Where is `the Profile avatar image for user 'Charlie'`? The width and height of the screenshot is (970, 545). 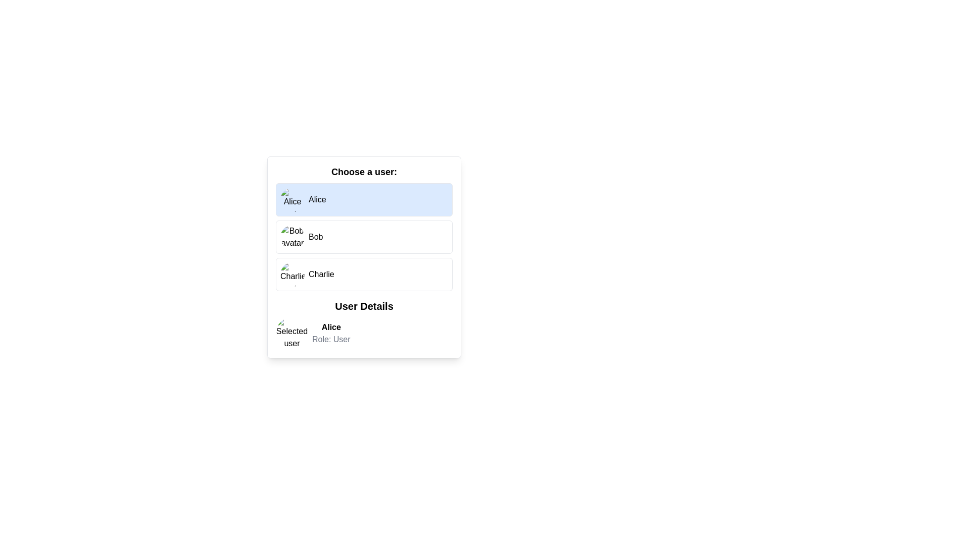
the Profile avatar image for user 'Charlie' is located at coordinates (292, 274).